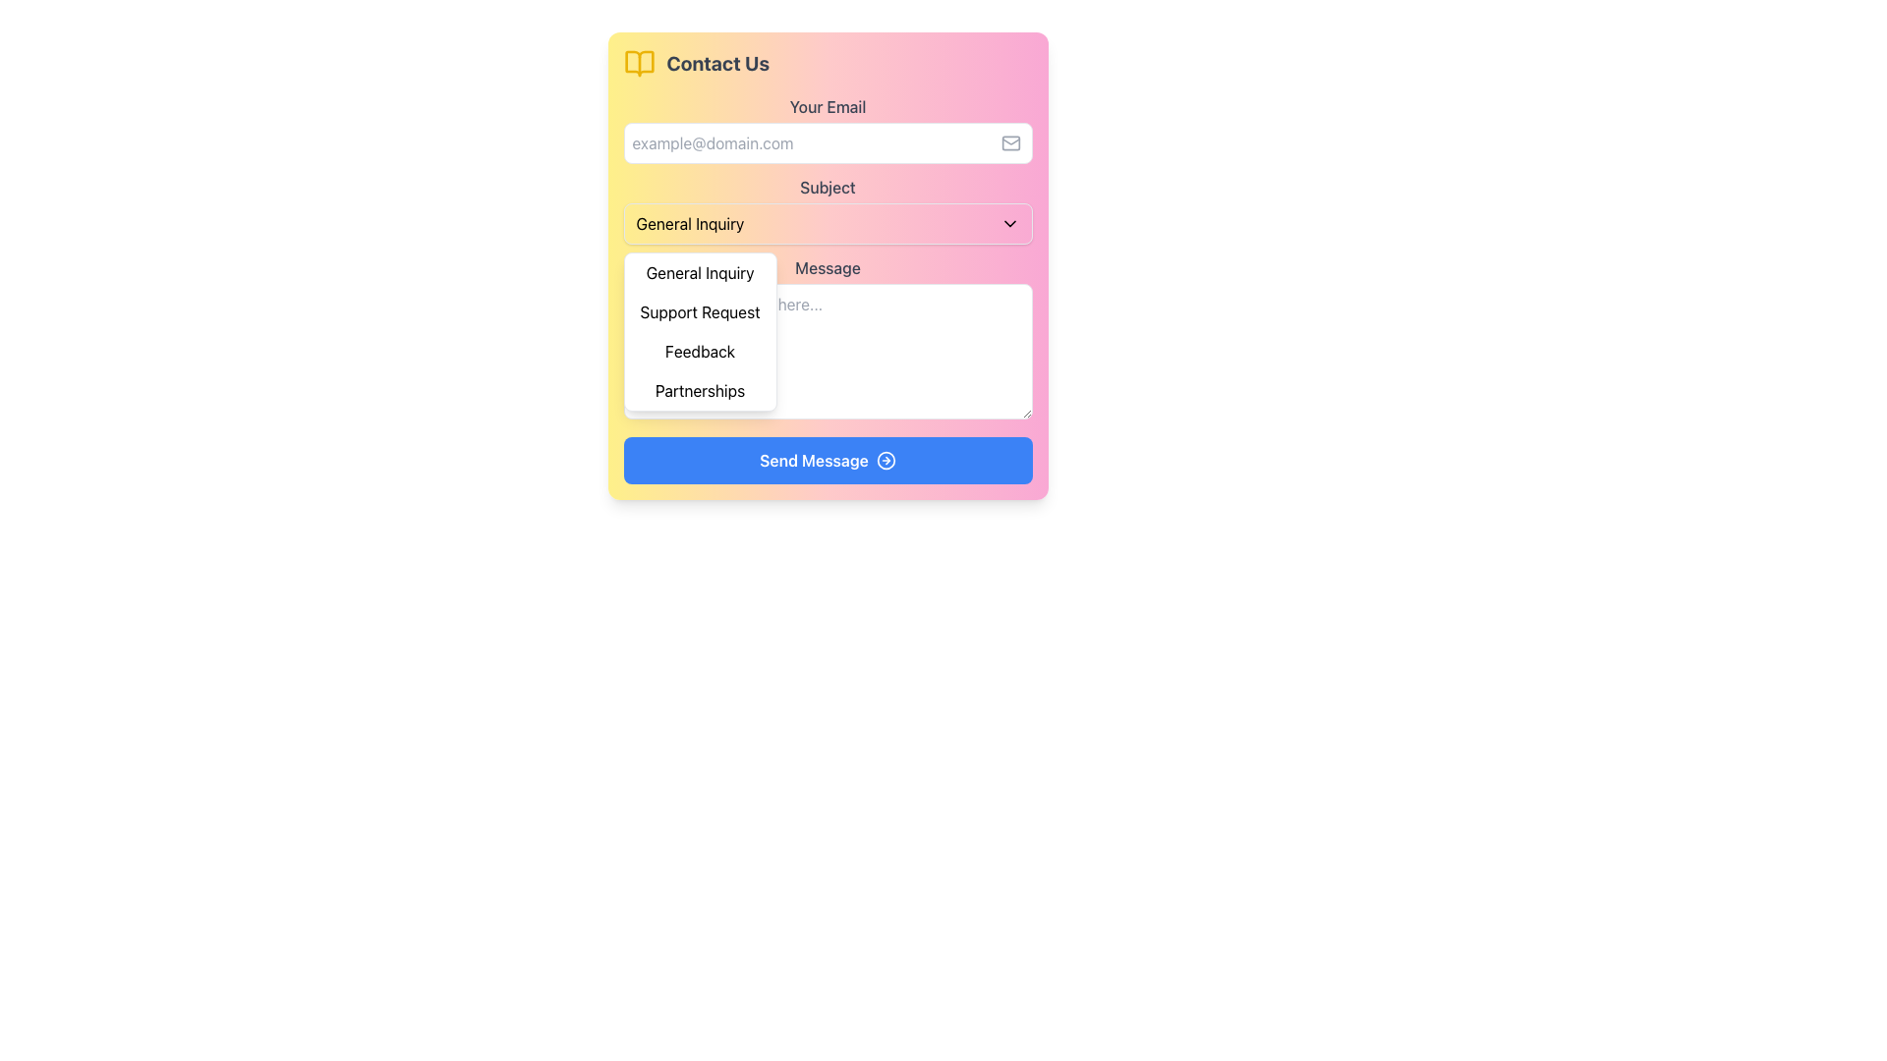  I want to click on the dropdown menu labeled 'Subject', so click(828, 209).